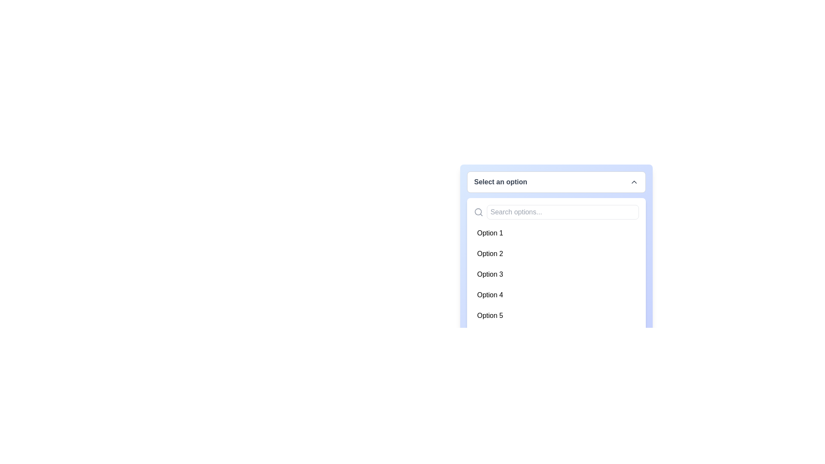 The width and height of the screenshot is (825, 464). What do you see at coordinates (634, 182) in the screenshot?
I see `the upward chevron icon that indicates the dropdown's state, located at the far right of the 'Select an option' text` at bounding box center [634, 182].